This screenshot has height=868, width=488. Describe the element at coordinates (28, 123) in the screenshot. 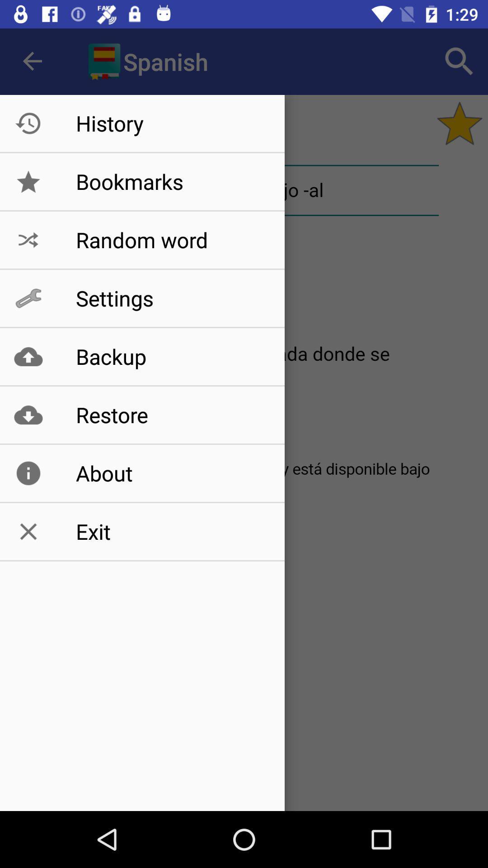

I see `the history icon` at that location.